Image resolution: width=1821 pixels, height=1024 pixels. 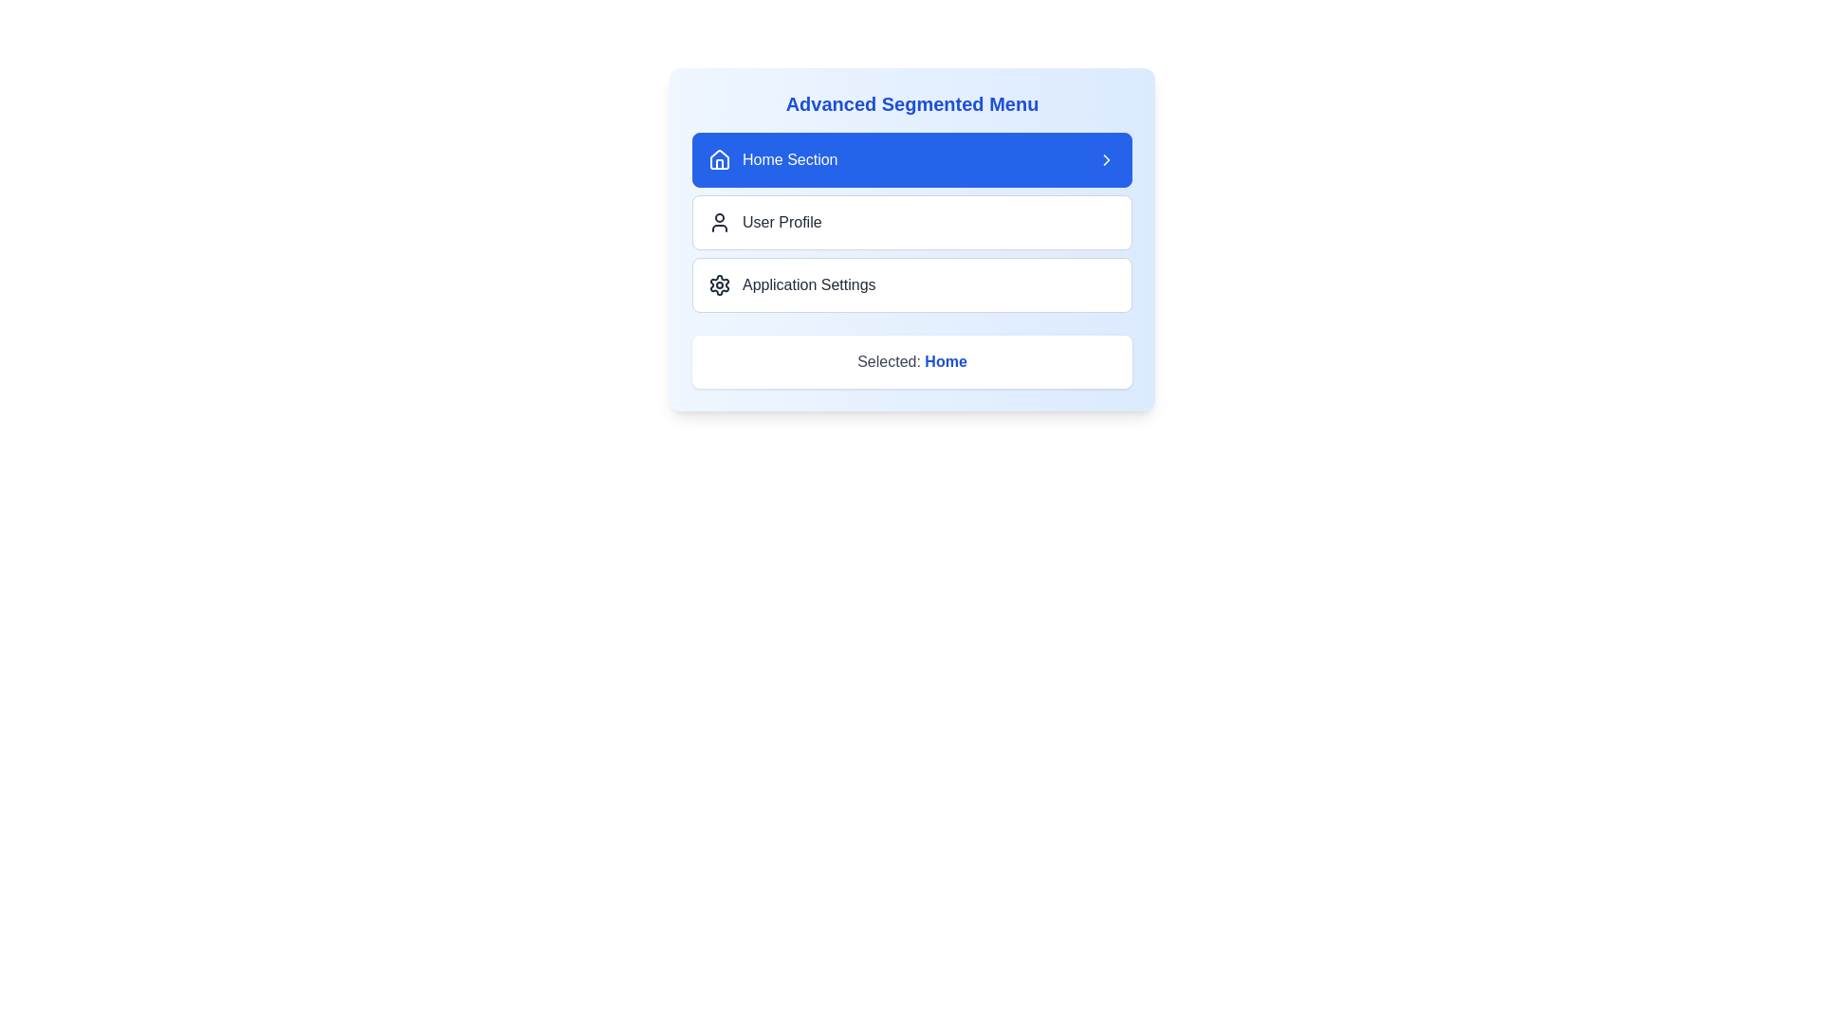 I want to click on the 'User Profile' menu item, which is the second item in the vertical list, so click(x=764, y=222).